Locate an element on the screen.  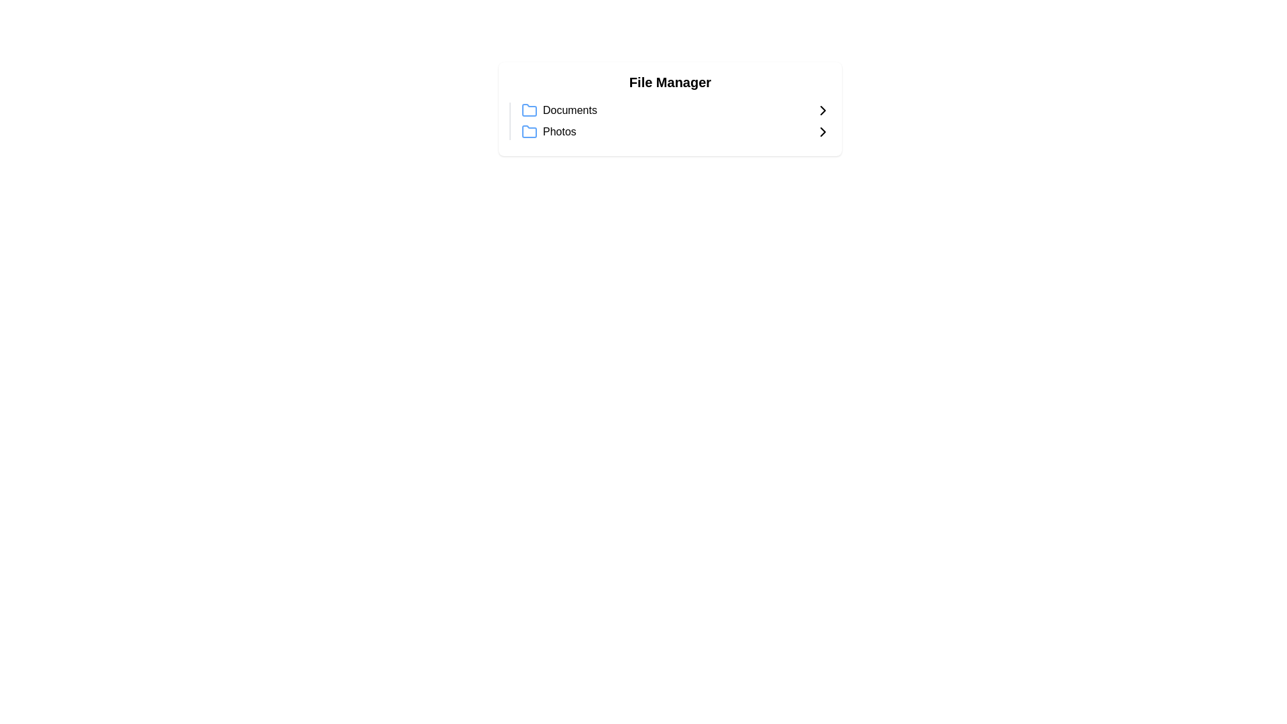
the blue-colored folder icon located to the left of the 'Documents' text in the document list is located at coordinates (529, 110).